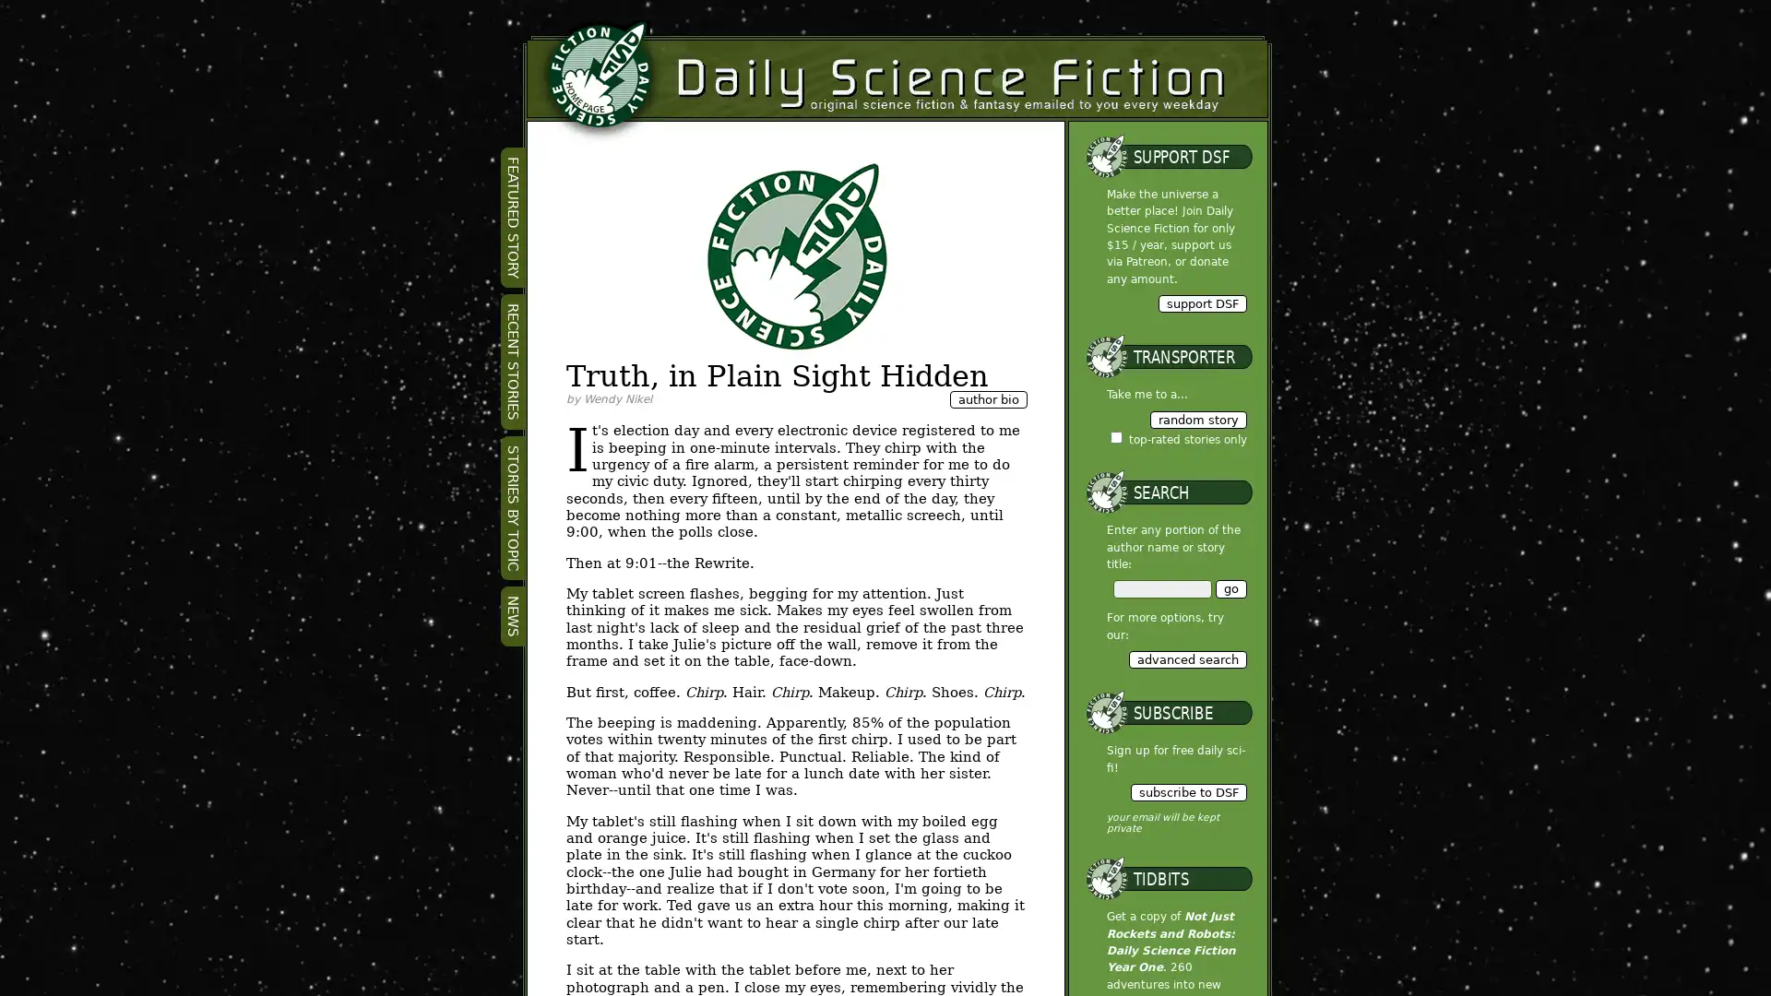  I want to click on support DSF, so click(1201, 302).